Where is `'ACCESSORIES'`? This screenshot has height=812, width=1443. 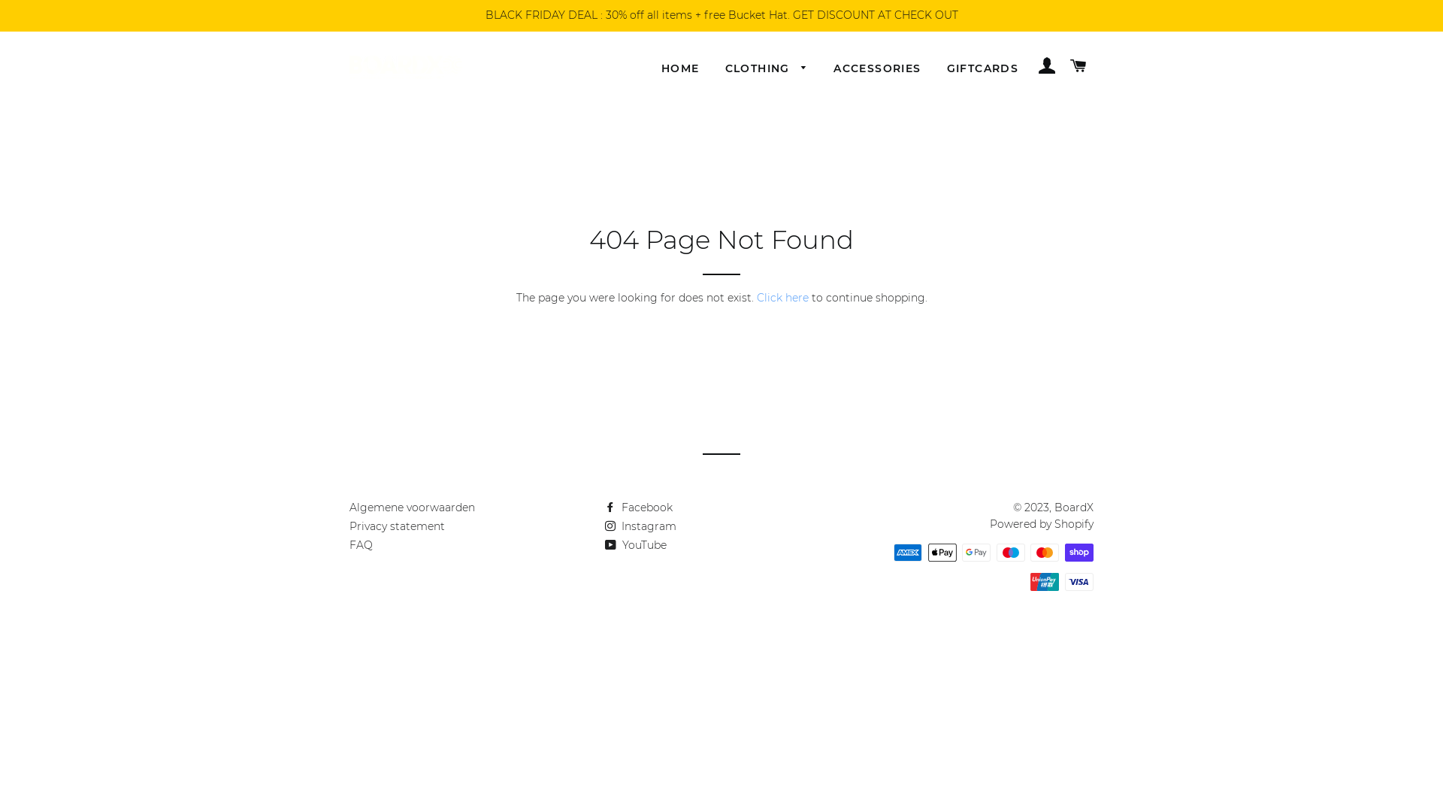 'ACCESSORIES' is located at coordinates (876, 69).